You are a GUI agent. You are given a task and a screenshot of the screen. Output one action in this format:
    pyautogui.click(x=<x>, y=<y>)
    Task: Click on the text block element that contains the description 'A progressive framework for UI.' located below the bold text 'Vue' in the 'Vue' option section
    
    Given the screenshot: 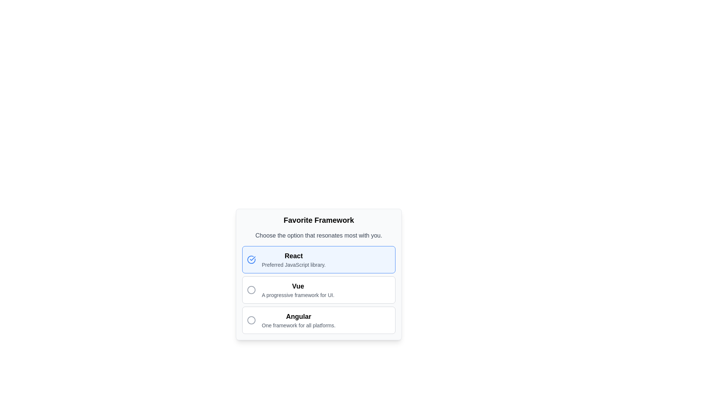 What is the action you would take?
    pyautogui.click(x=298, y=294)
    